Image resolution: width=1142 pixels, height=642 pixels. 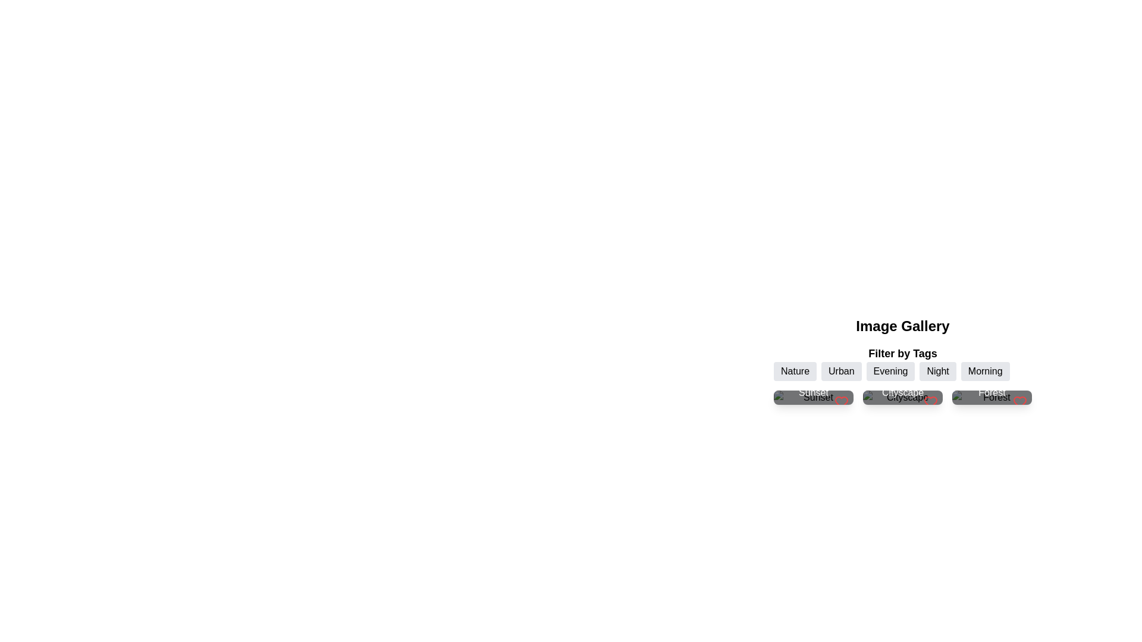 What do you see at coordinates (902, 353) in the screenshot?
I see `'Filter by Tags' text label, which is a bold and larger-sized textual label serving as a heading for the filter tags section` at bounding box center [902, 353].